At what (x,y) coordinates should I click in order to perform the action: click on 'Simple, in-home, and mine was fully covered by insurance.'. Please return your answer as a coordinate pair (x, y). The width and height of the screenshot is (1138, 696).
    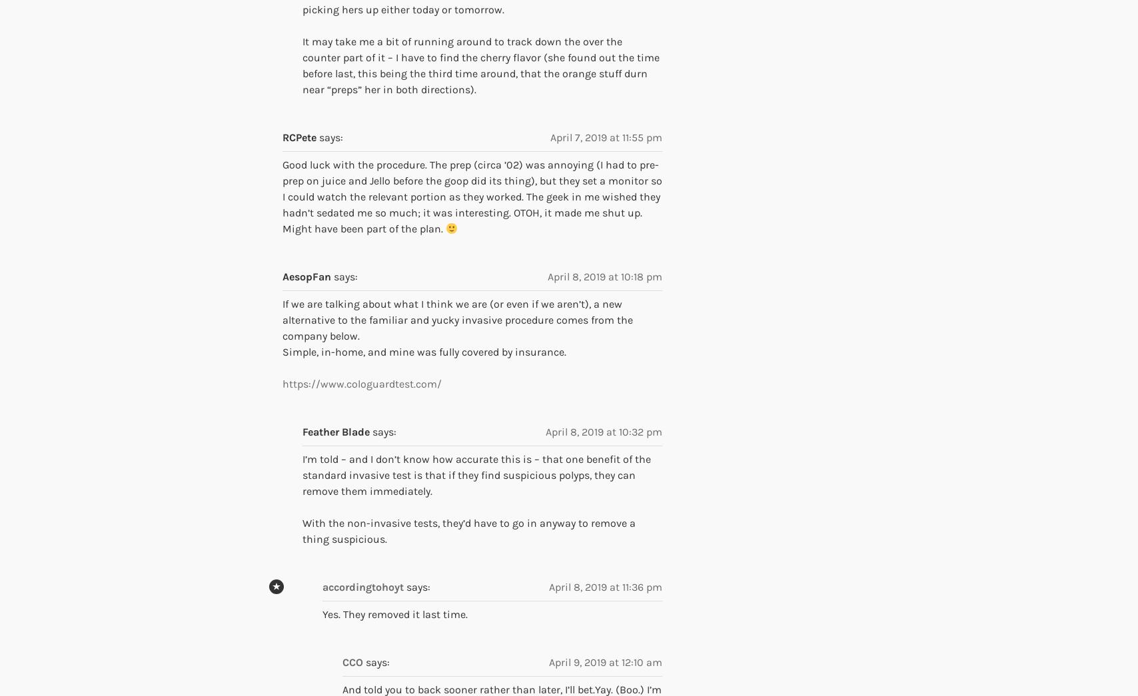
    Looking at the image, I should click on (424, 352).